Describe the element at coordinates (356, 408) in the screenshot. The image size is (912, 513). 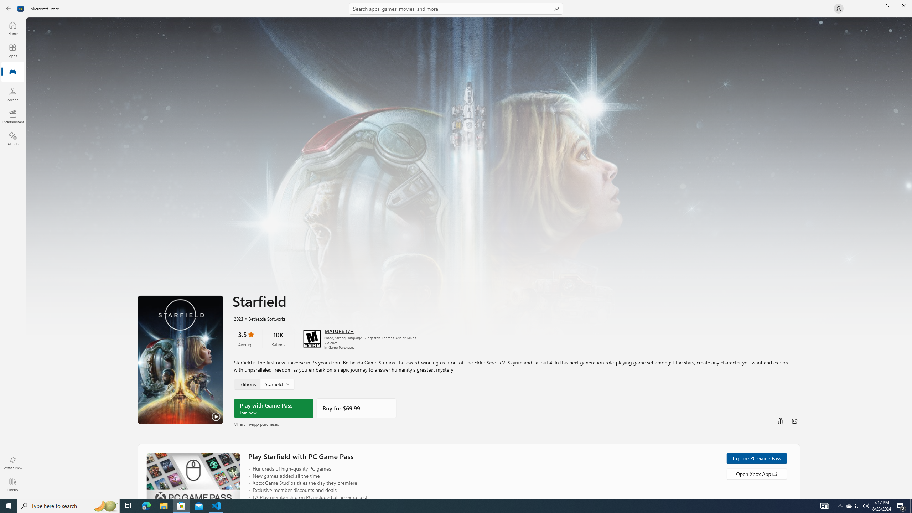
I see `'Buy'` at that location.